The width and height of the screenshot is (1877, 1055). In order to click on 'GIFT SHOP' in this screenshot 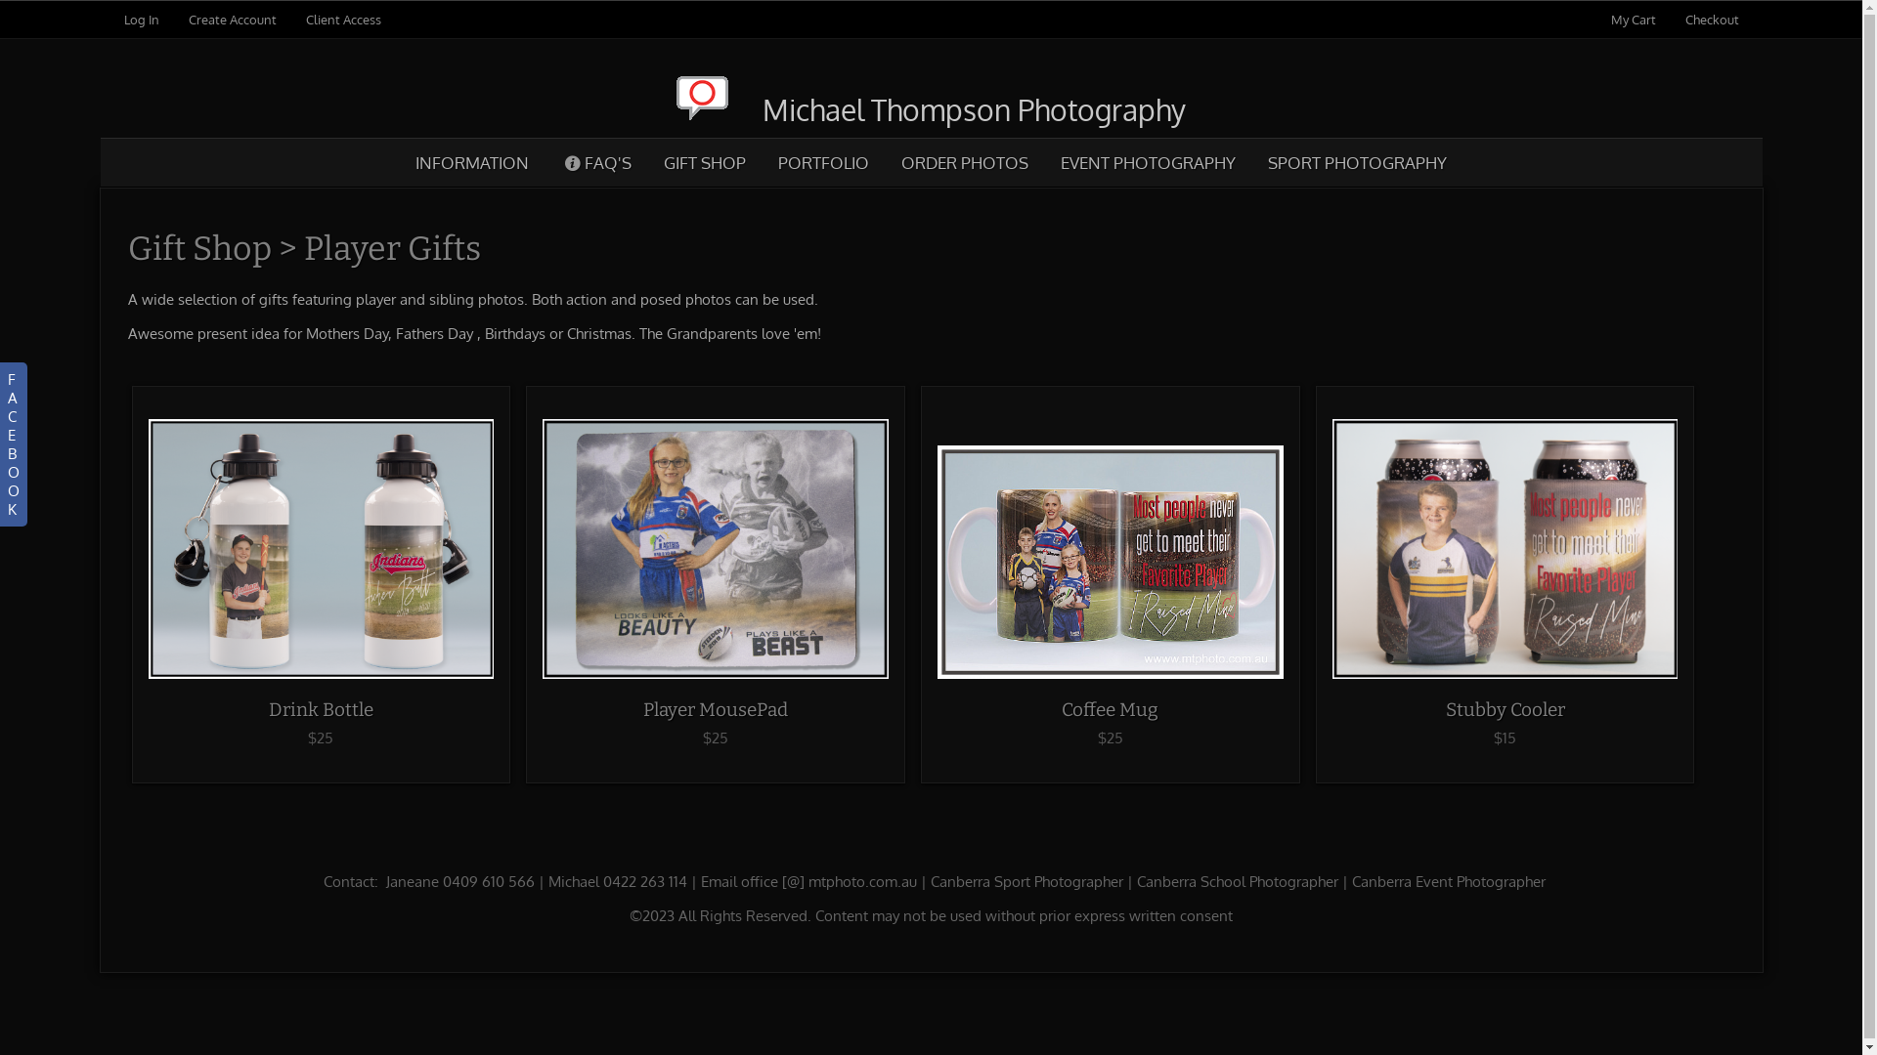, I will do `click(704, 161)`.